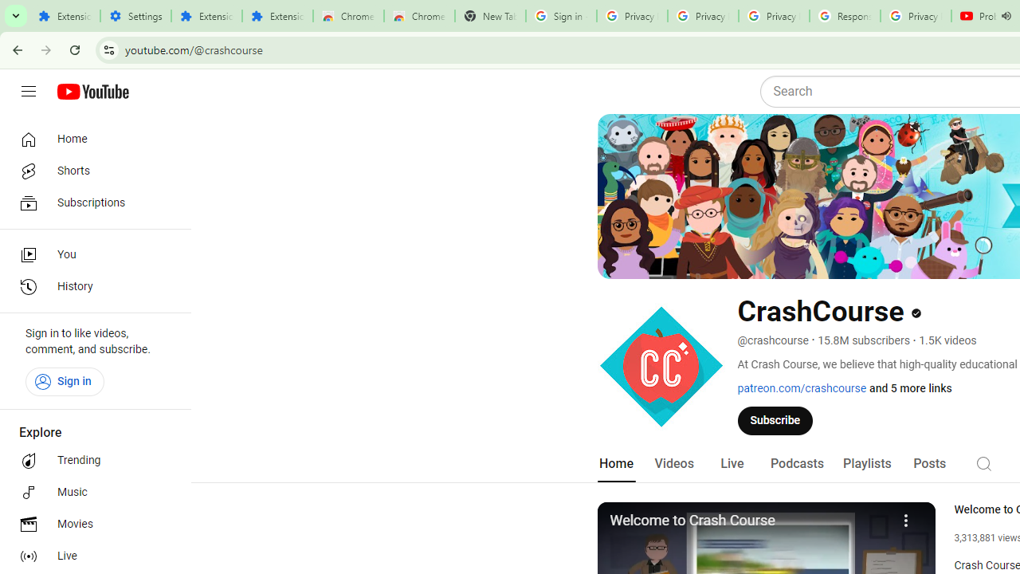  What do you see at coordinates (747, 521) in the screenshot?
I see `'Welcome to Crash Course'` at bounding box center [747, 521].